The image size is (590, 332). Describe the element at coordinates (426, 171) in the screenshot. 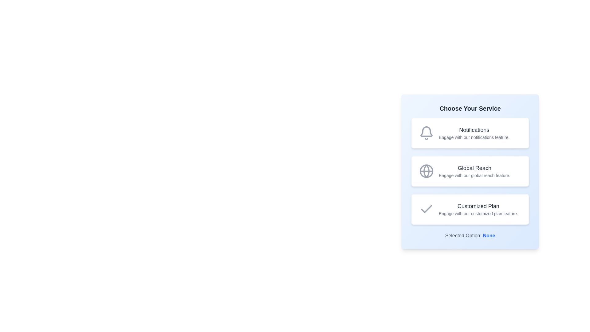

I see `the small circular graphic element within the globe icon, located at the center of the globe icon in the 'Global Reach' option of the service selection card` at that location.